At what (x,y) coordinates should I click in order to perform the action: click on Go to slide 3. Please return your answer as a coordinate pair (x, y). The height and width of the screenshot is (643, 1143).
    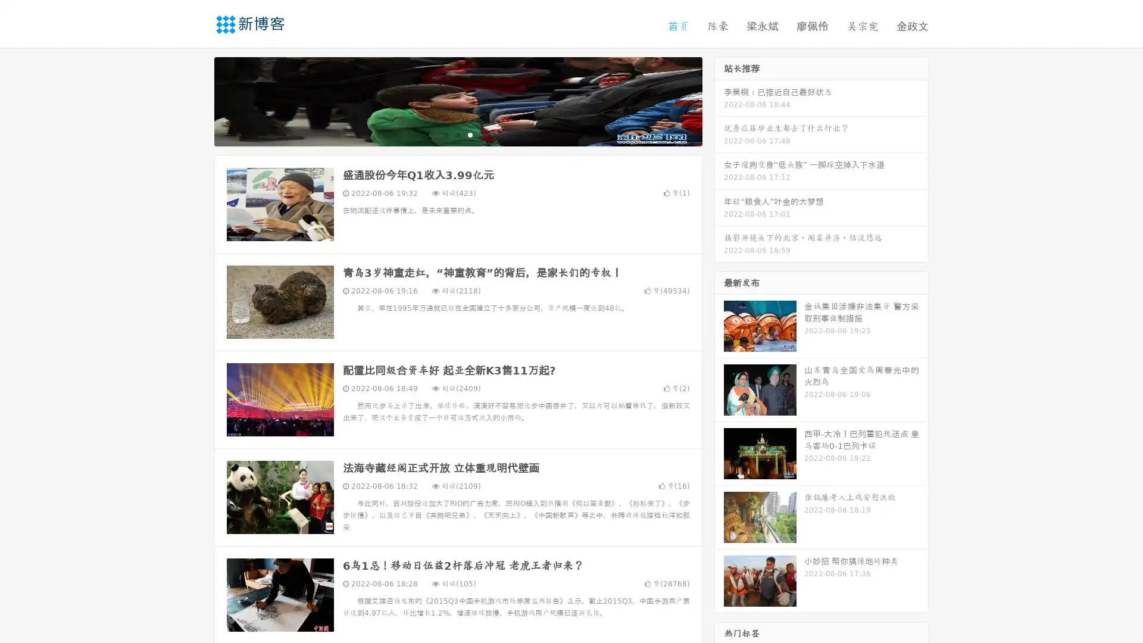
    Looking at the image, I should click on (470, 134).